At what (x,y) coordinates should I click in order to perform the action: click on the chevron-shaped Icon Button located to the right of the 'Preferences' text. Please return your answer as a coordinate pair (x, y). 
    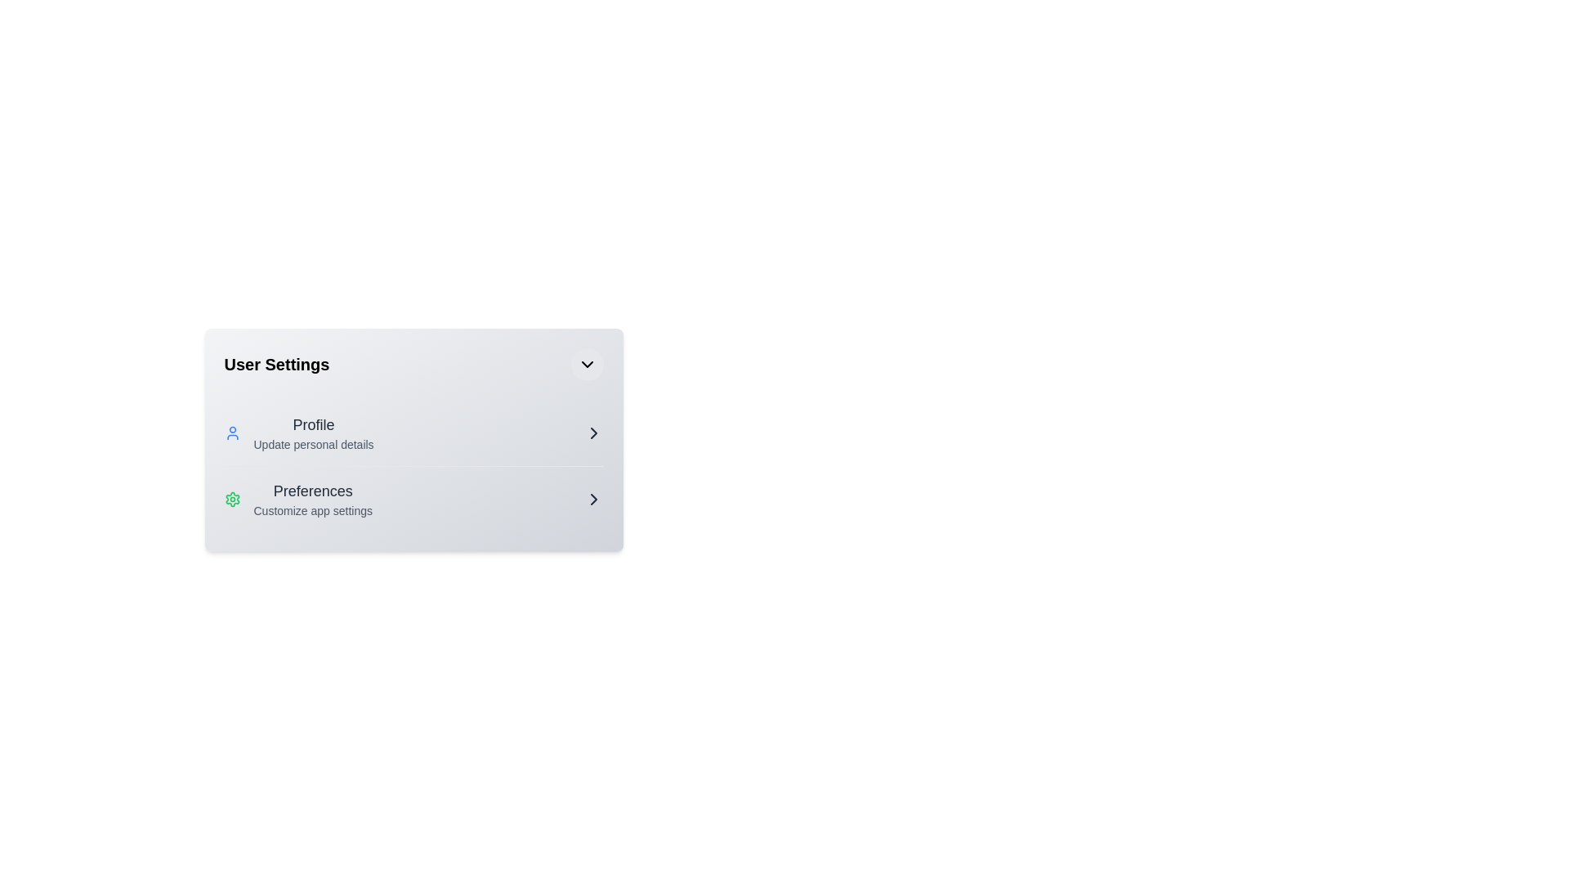
    Looking at the image, I should click on (592, 498).